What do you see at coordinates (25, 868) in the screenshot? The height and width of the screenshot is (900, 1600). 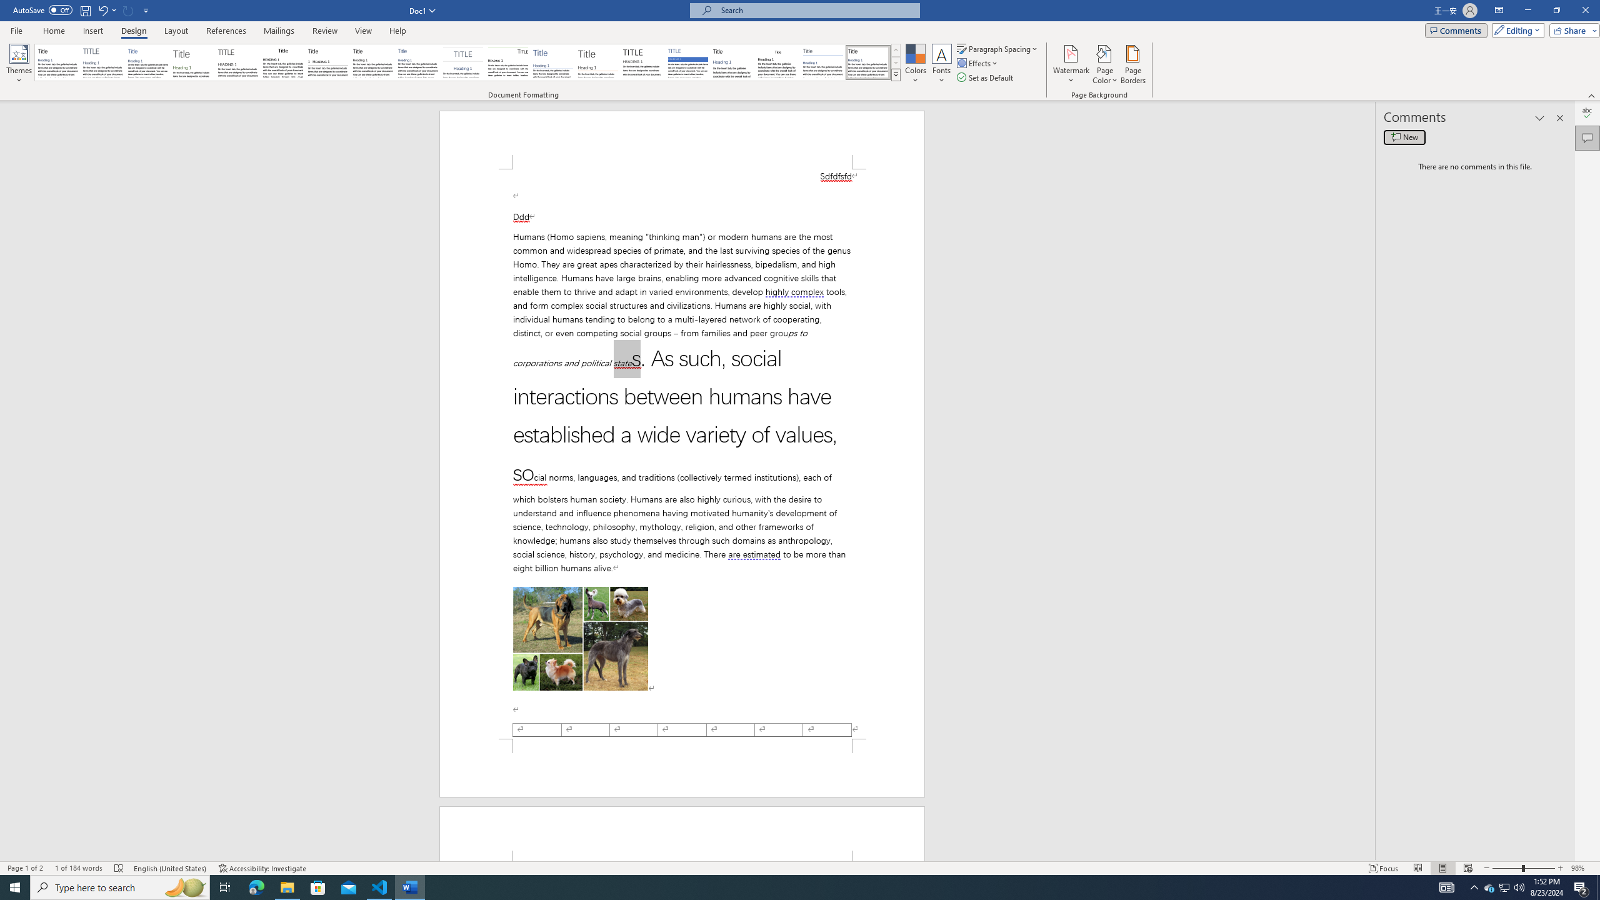 I see `'Page Number Page 1 of 2'` at bounding box center [25, 868].